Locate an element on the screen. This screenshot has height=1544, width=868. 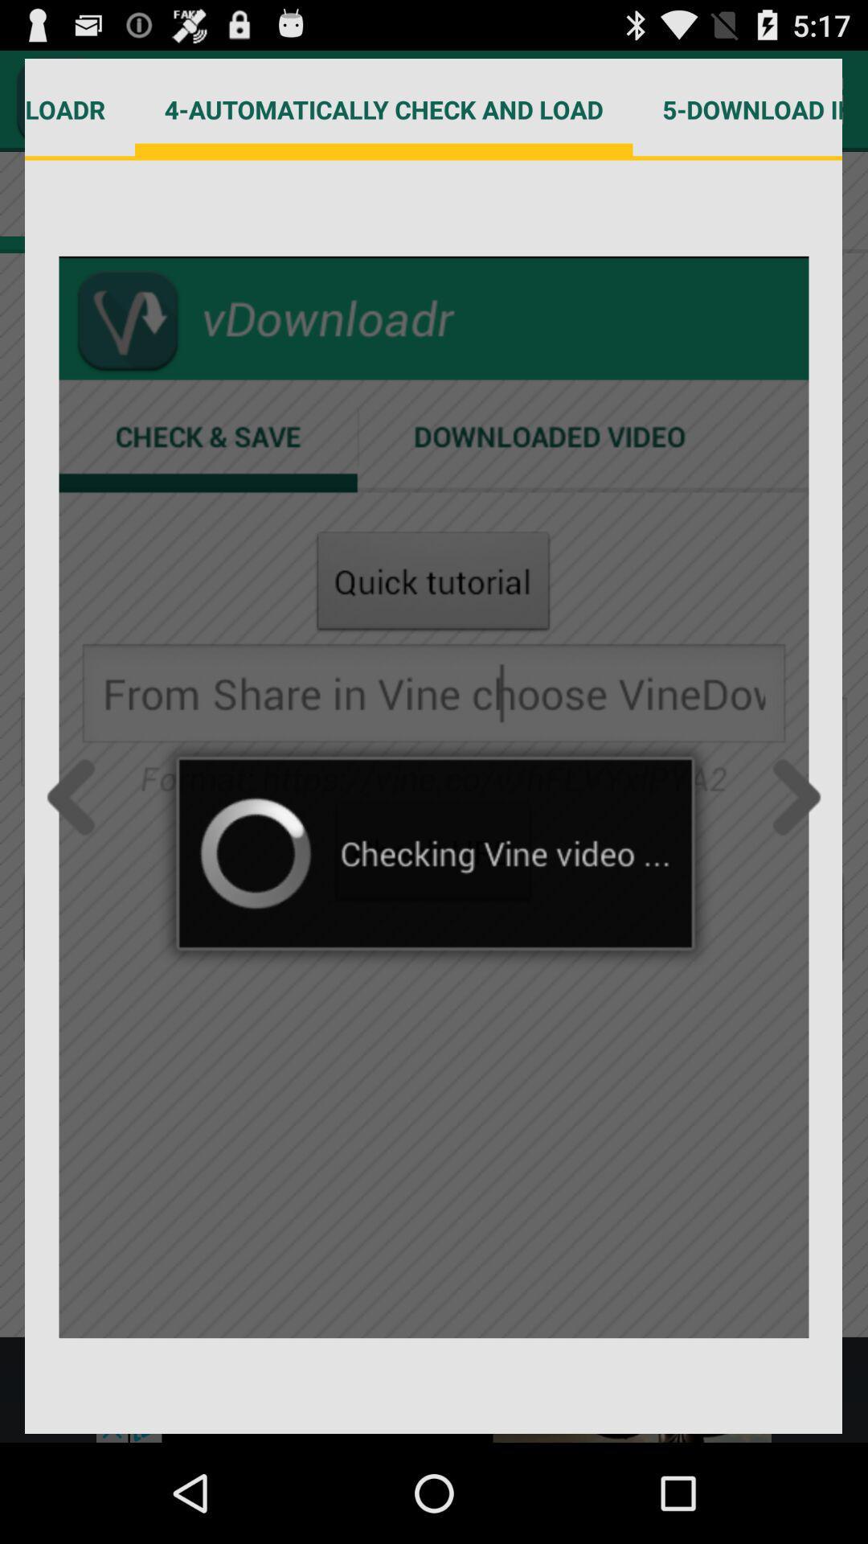
app next to 5 download in item is located at coordinates (383, 109).